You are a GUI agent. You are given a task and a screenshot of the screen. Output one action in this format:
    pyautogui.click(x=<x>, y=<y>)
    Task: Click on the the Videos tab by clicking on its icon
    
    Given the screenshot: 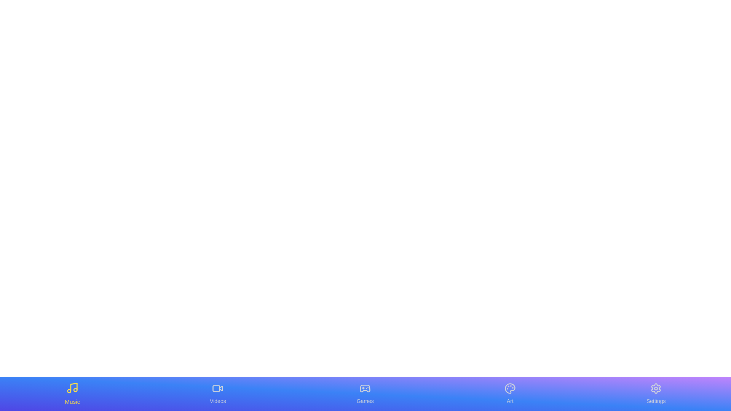 What is the action you would take?
    pyautogui.click(x=217, y=393)
    